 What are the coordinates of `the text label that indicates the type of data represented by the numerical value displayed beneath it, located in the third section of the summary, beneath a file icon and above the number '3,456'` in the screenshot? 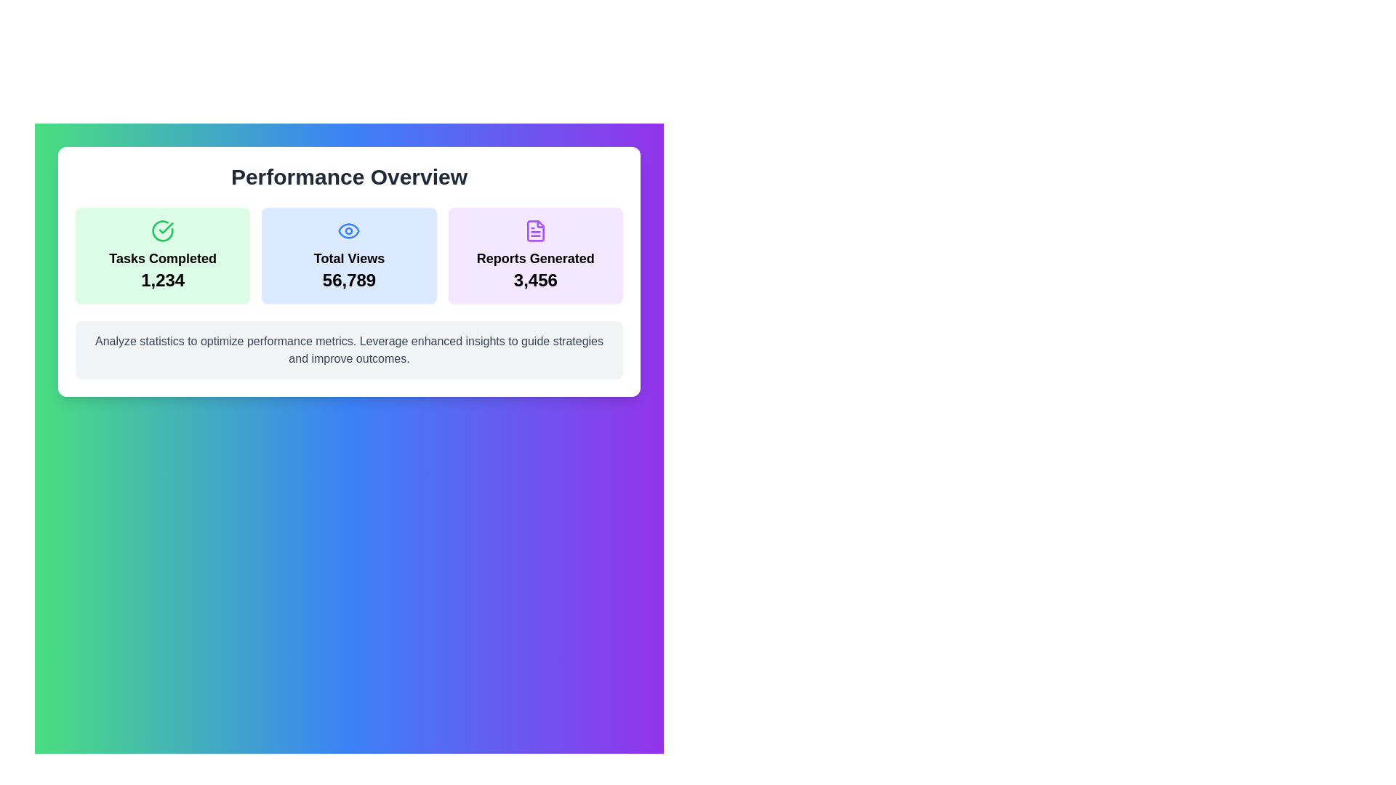 It's located at (534, 257).